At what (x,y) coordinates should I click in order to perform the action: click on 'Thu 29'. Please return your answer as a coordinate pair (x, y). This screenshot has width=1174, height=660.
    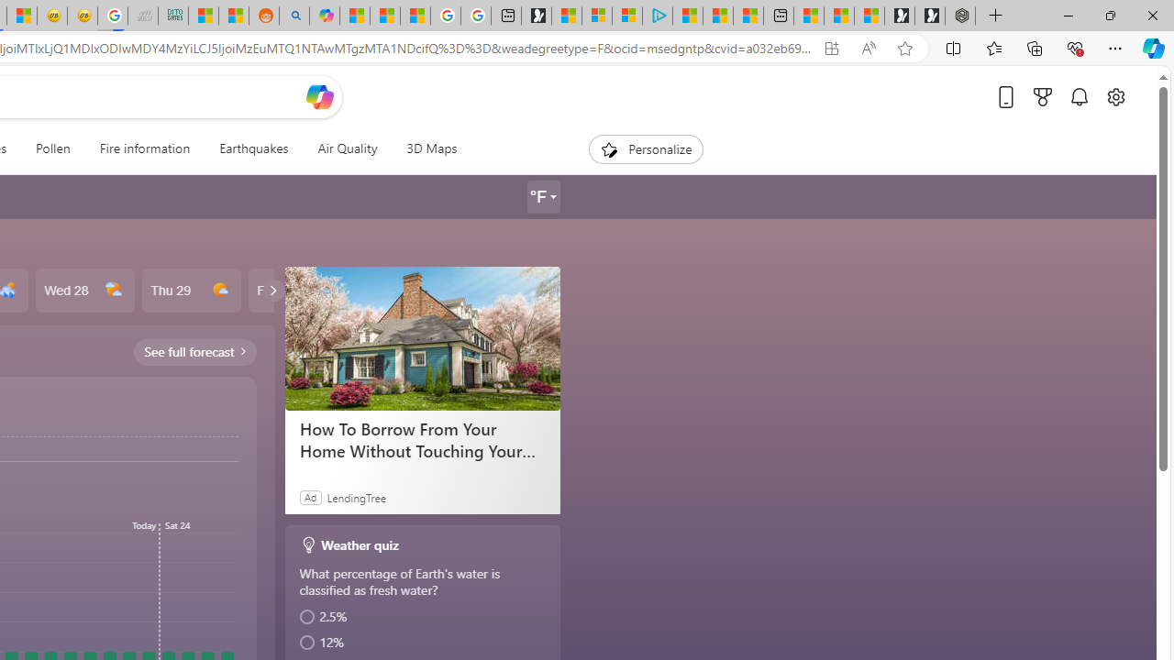
    Looking at the image, I should click on (191, 290).